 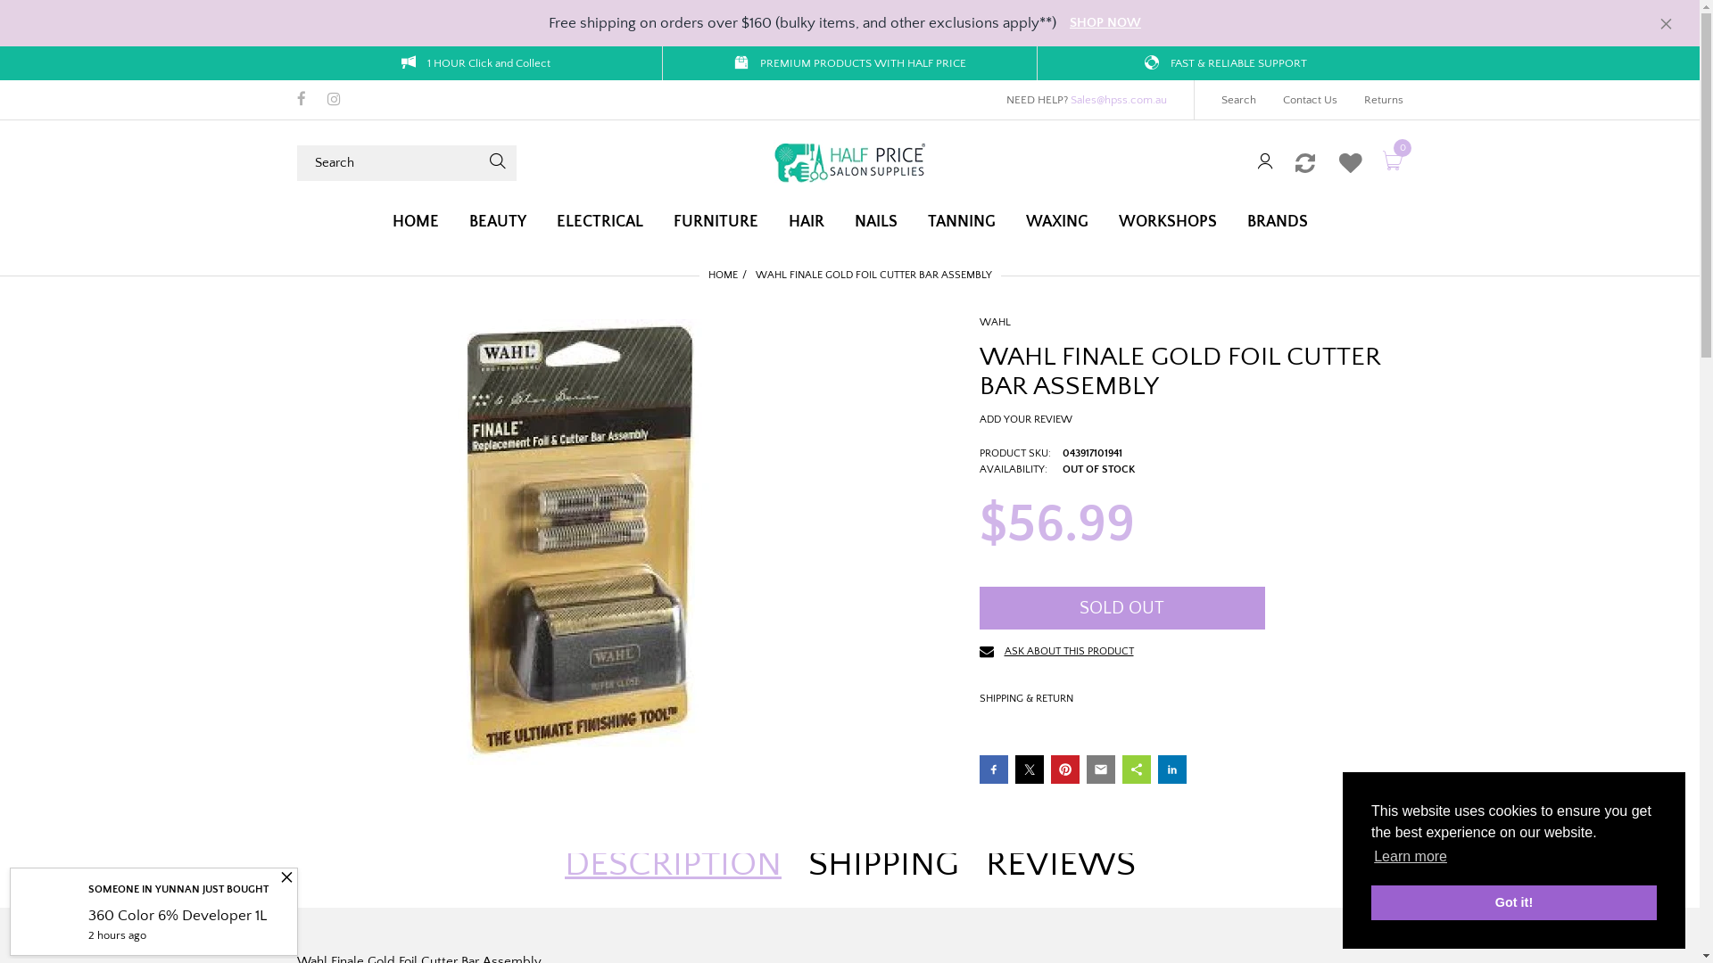 What do you see at coordinates (333, 100) in the screenshot?
I see `'Instagram'` at bounding box center [333, 100].